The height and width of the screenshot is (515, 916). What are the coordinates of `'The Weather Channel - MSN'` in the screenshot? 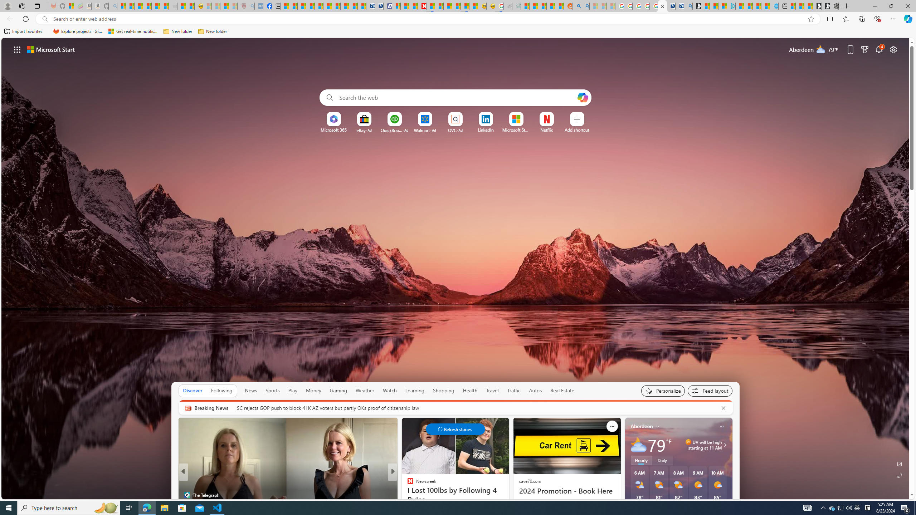 It's located at (138, 6).